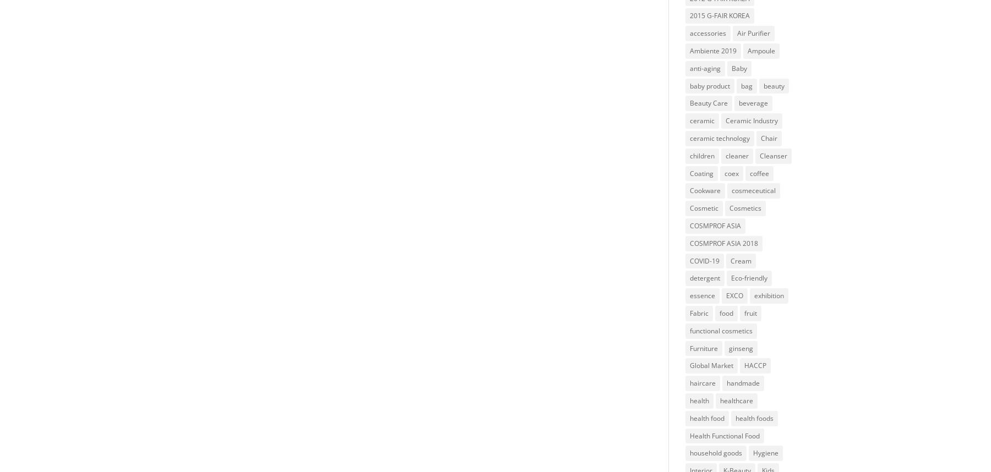 Image resolution: width=991 pixels, height=472 pixels. Describe the element at coordinates (708, 103) in the screenshot. I see `'Beauty Care'` at that location.